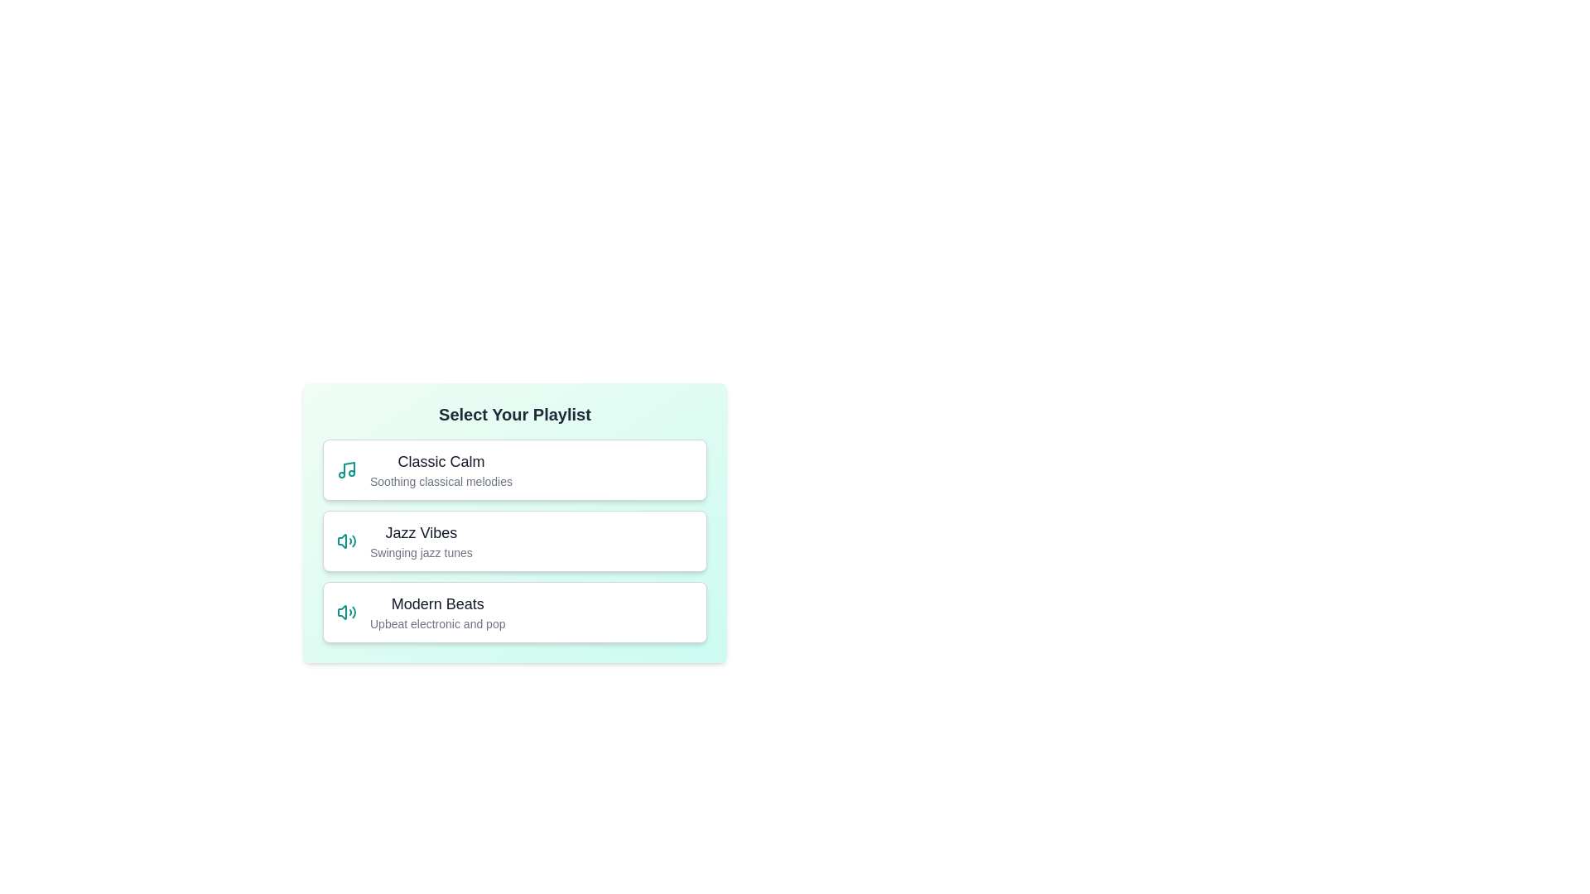 The image size is (1590, 894). I want to click on the 'Jazz Vibes' text block that provides a description of the playlist, positioned between 'Classic Calm' and 'Modern Beats' in the playlist selection interface, so click(421, 541).